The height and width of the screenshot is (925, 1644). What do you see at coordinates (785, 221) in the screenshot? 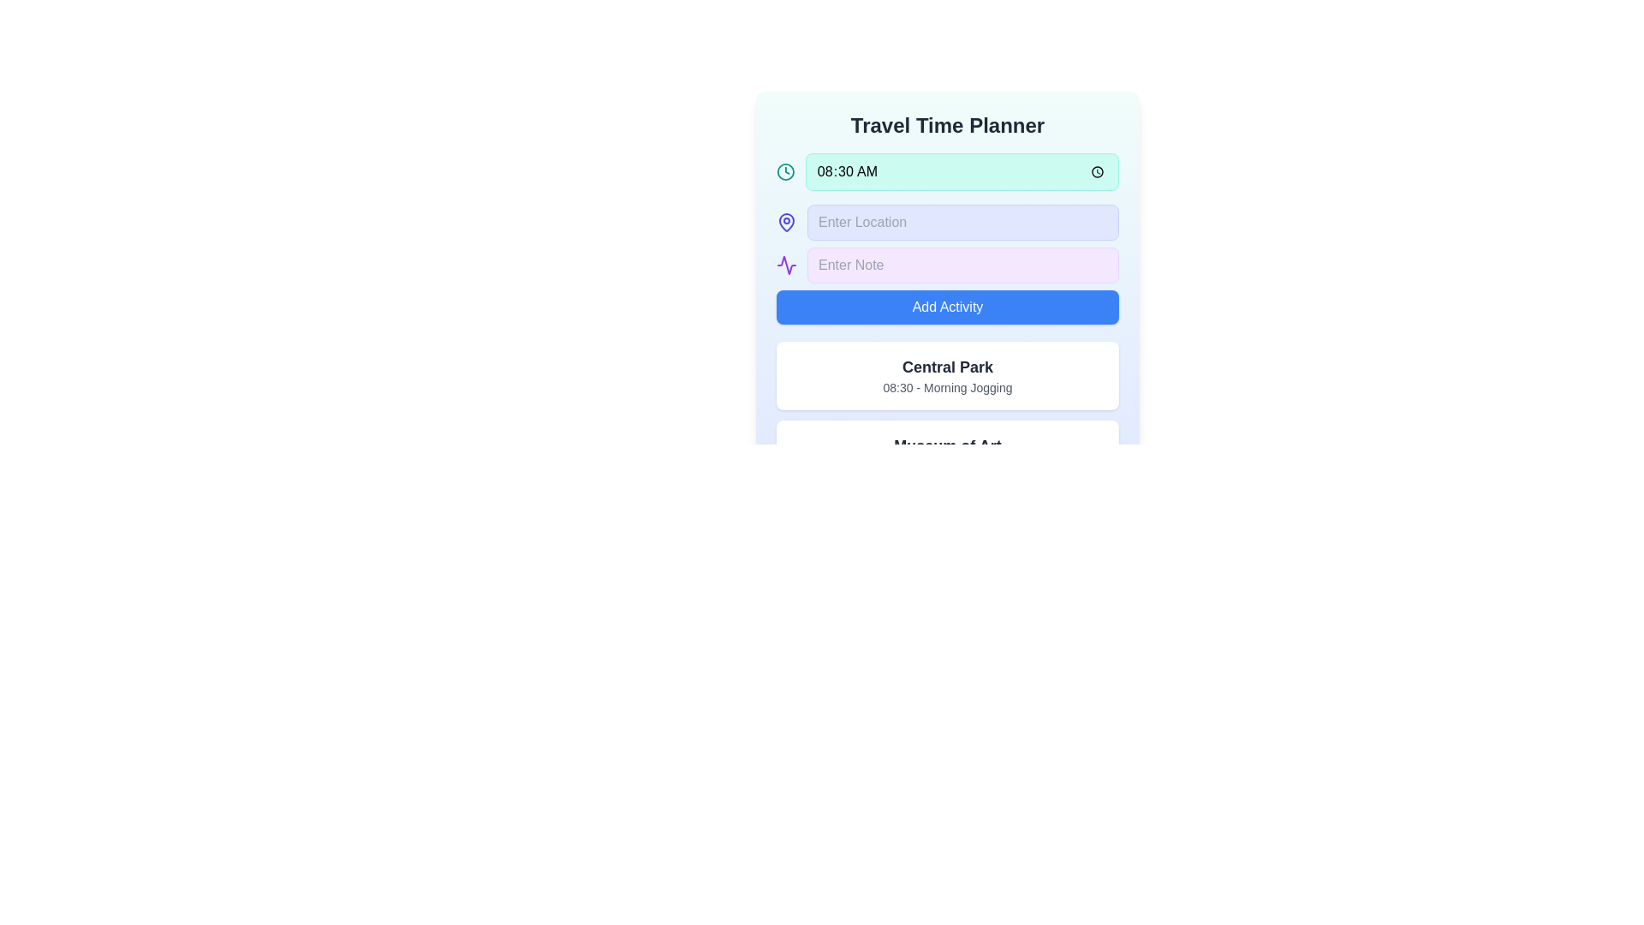
I see `map pin icon located to the left of the 'Enter Location' text box for design verification` at bounding box center [785, 221].